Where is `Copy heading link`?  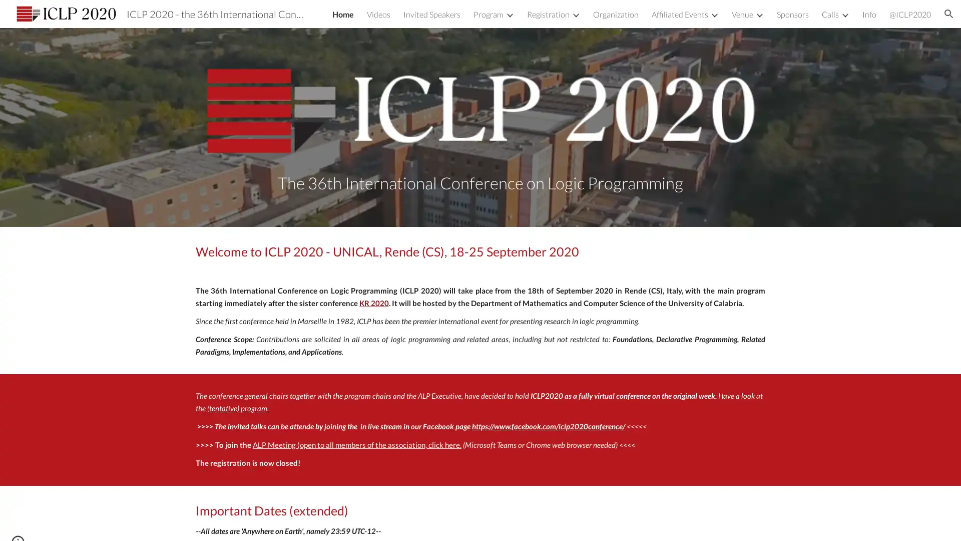
Copy heading link is located at coordinates (590, 250).